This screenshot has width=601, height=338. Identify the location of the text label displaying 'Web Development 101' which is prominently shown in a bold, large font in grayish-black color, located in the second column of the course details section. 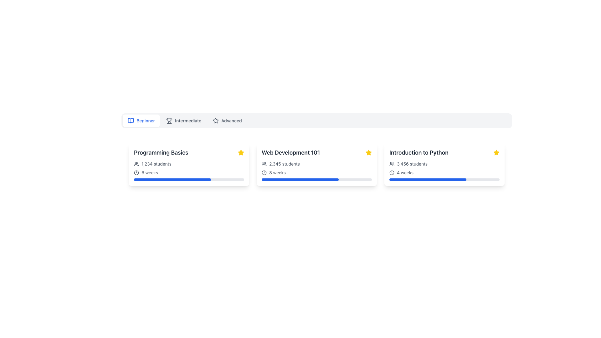
(290, 153).